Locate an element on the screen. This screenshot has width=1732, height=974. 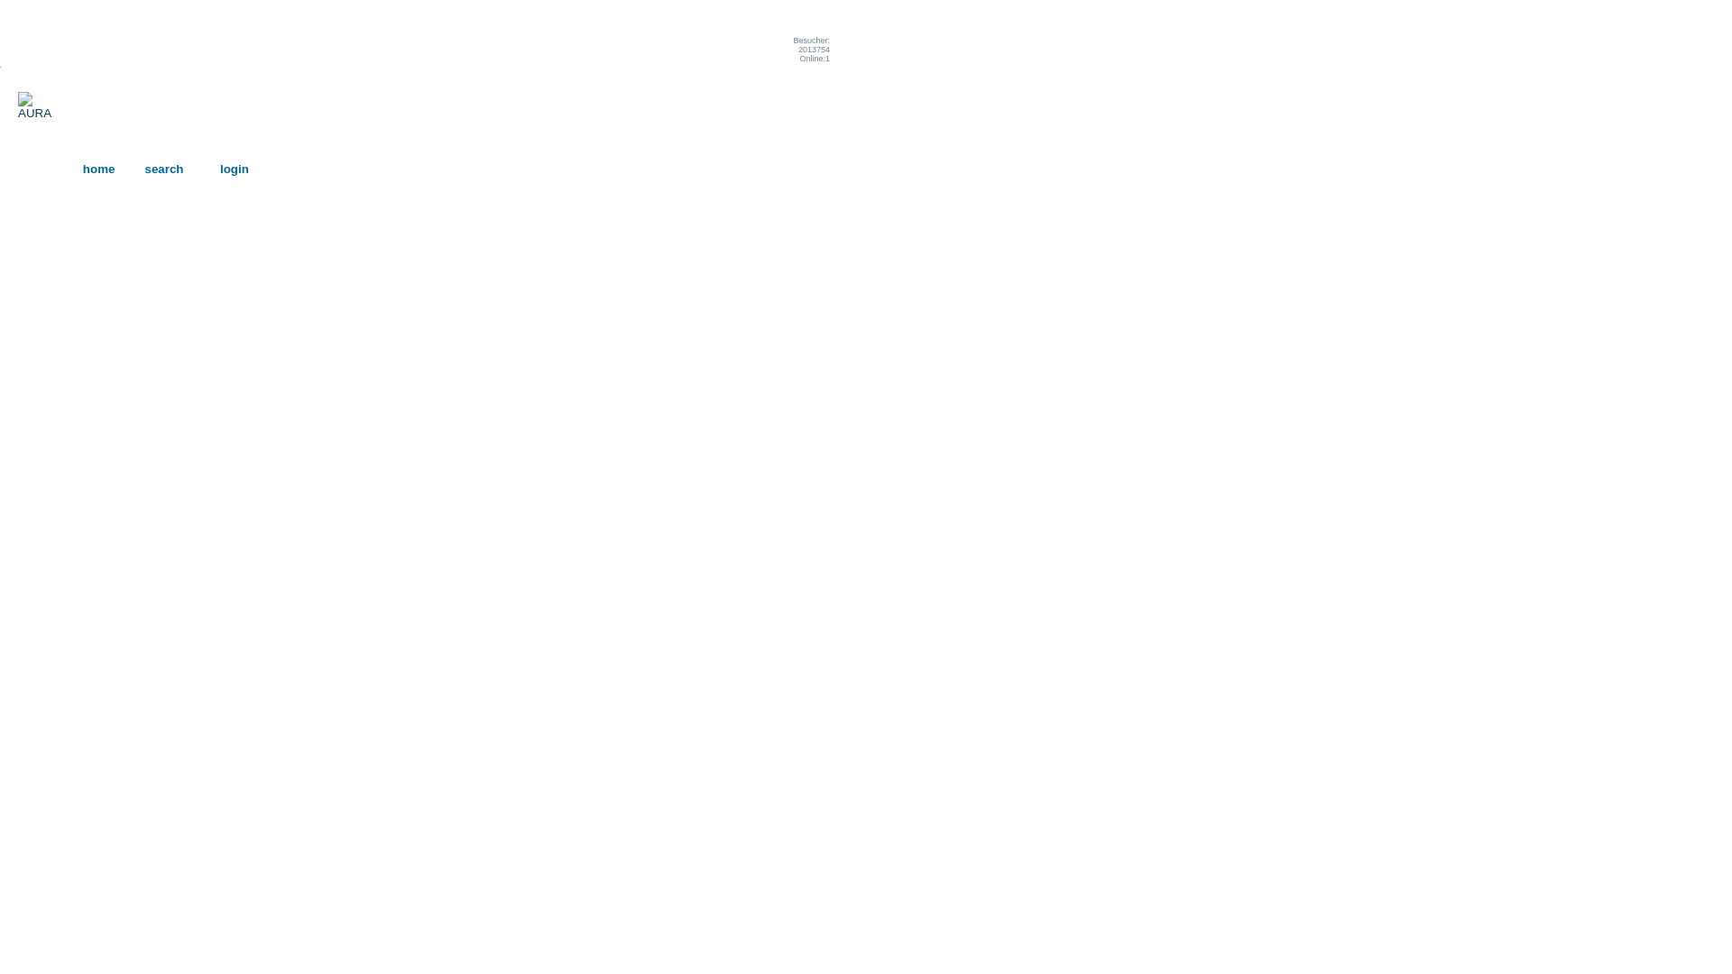
'search' is located at coordinates (143, 169).